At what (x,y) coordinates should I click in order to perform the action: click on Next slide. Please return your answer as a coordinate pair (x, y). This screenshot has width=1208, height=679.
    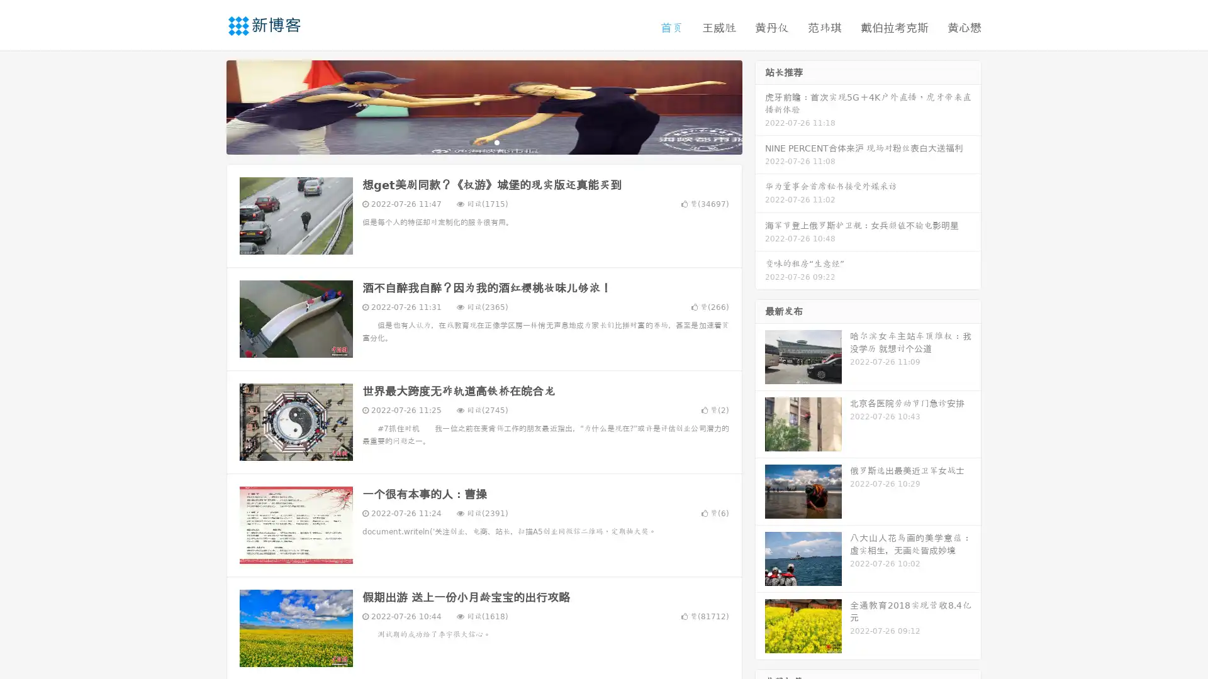
    Looking at the image, I should click on (760, 106).